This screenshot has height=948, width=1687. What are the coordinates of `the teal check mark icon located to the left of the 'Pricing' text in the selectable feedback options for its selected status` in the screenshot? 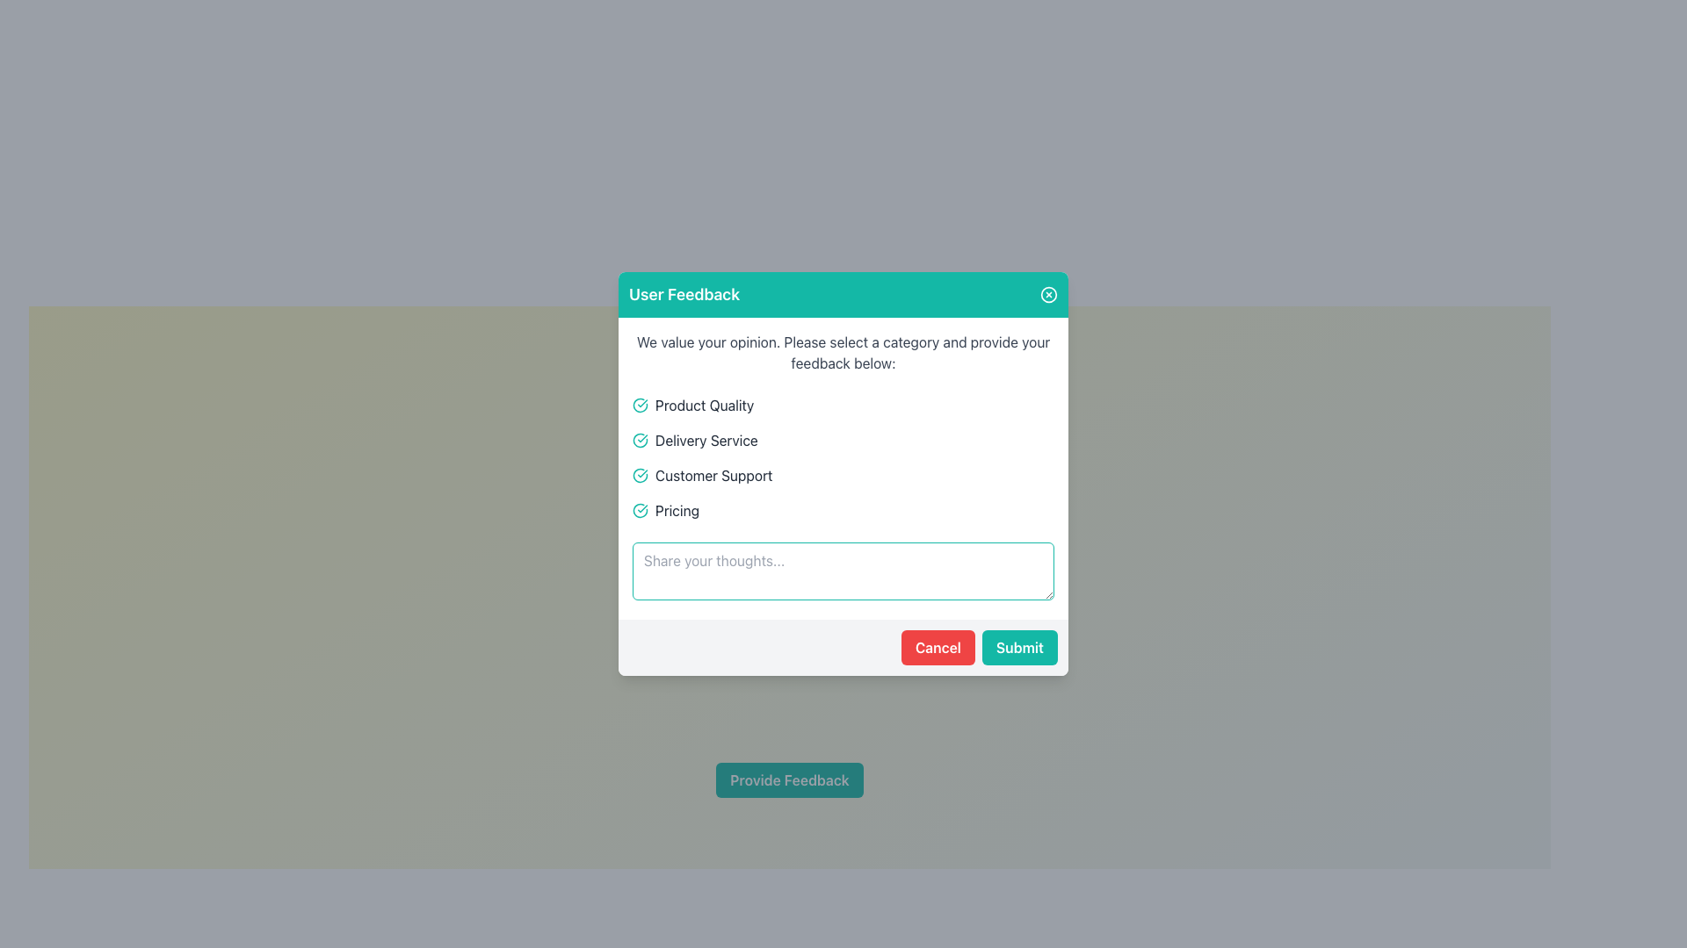 It's located at (640, 511).